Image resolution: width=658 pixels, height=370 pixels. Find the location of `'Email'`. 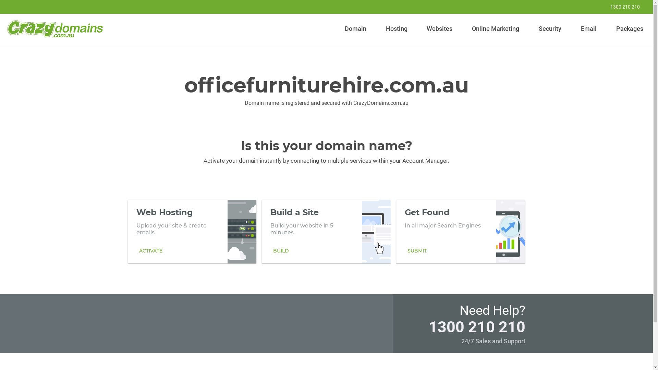

'Email' is located at coordinates (588, 28).